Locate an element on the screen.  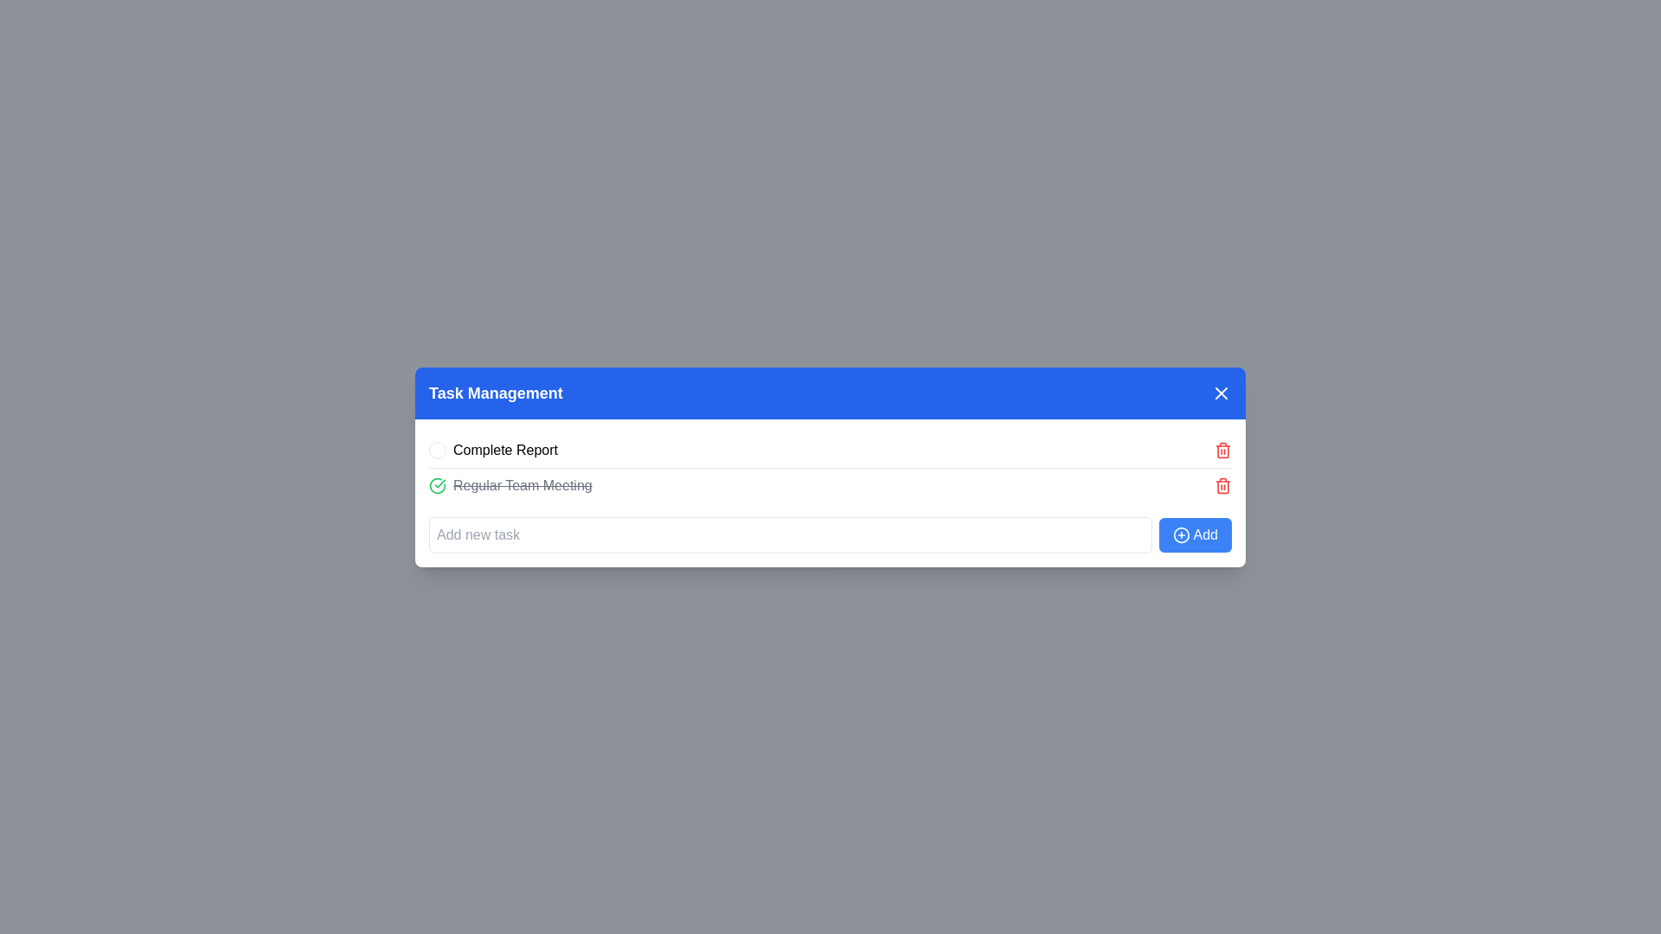
the trash icon located to the right of the 'Regular Team Meeting' task item is located at coordinates (1222, 487).